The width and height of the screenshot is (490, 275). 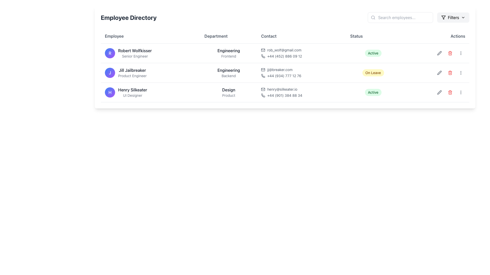 I want to click on phone number displayed in the 'Contact' section of the first row in the employee directory, which is the second piece of contact information after the email address, so click(x=301, y=56).